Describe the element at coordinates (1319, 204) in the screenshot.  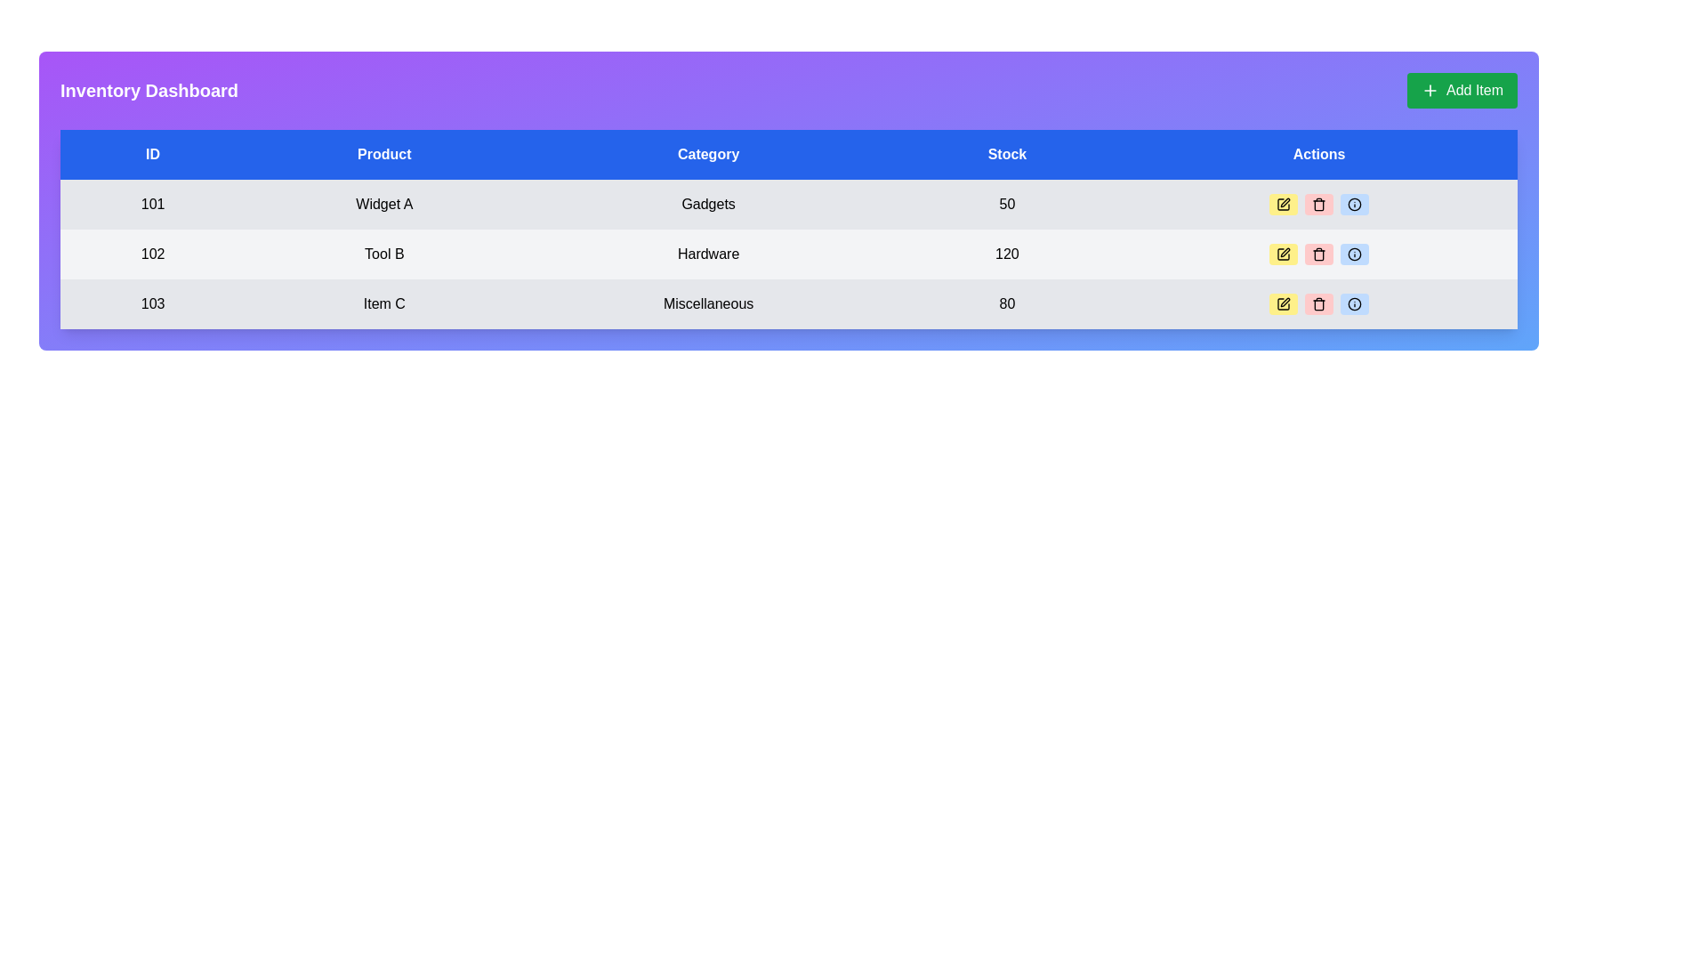
I see `the trash can icon on the red button located under the 'Actions' column for the first row in the table, which is the second action button in the sequence, positioned between the yellow 'edit' button and the blue 'information' button` at that location.